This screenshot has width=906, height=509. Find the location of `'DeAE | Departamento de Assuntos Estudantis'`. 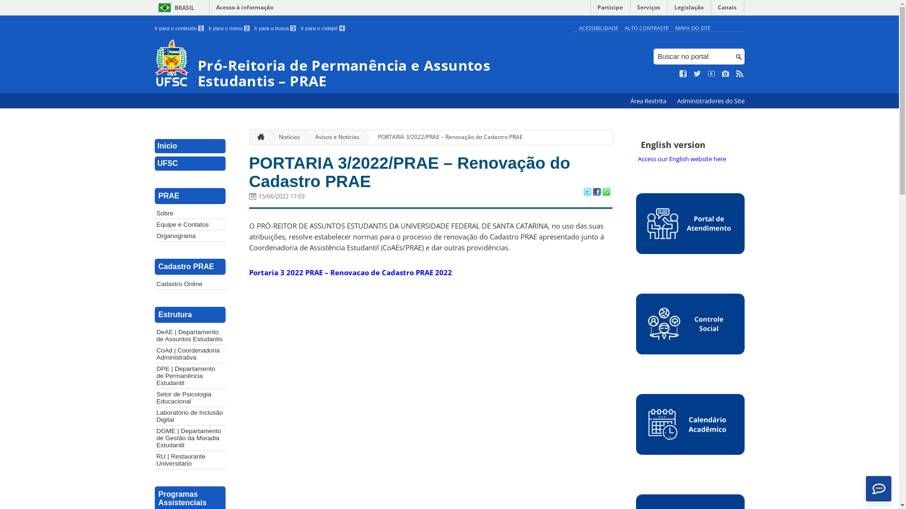

'DeAE | Departamento de Assuntos Estudantis' is located at coordinates (154, 335).